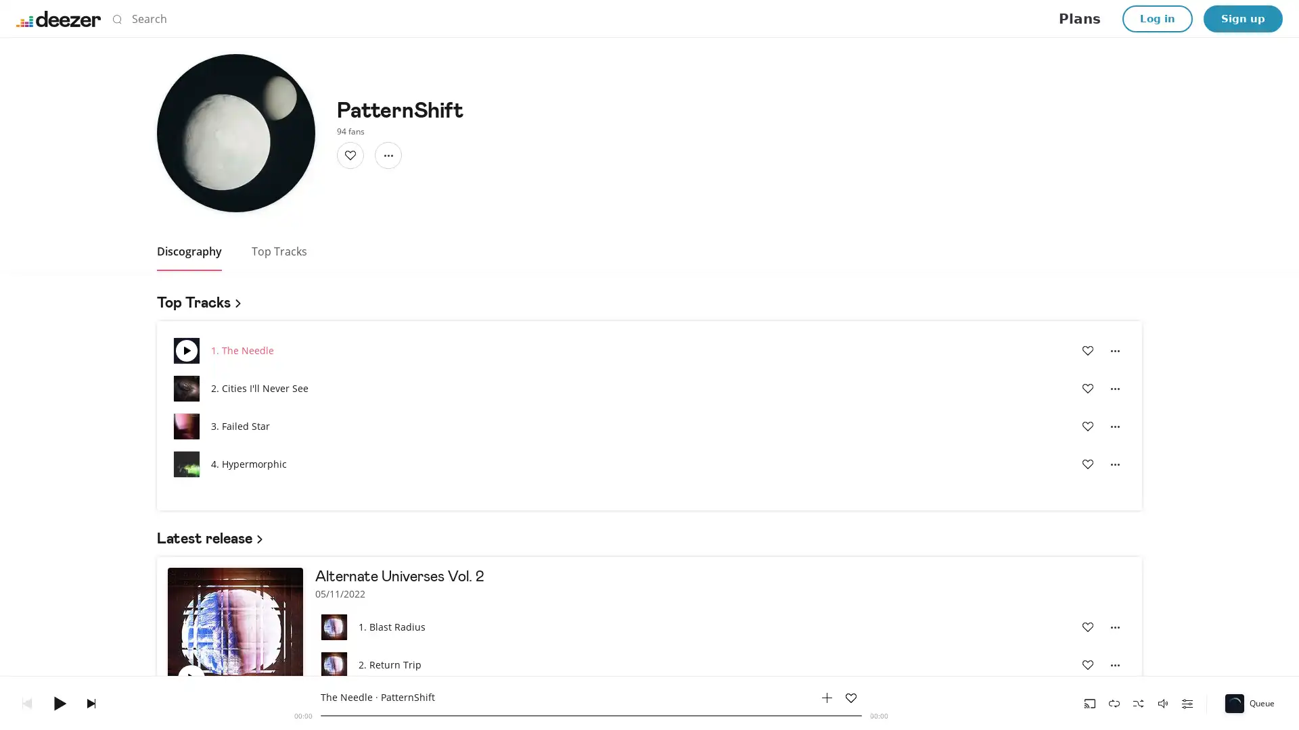 The image size is (1299, 730). I want to click on Add to Favorite tracks, so click(1088, 463).